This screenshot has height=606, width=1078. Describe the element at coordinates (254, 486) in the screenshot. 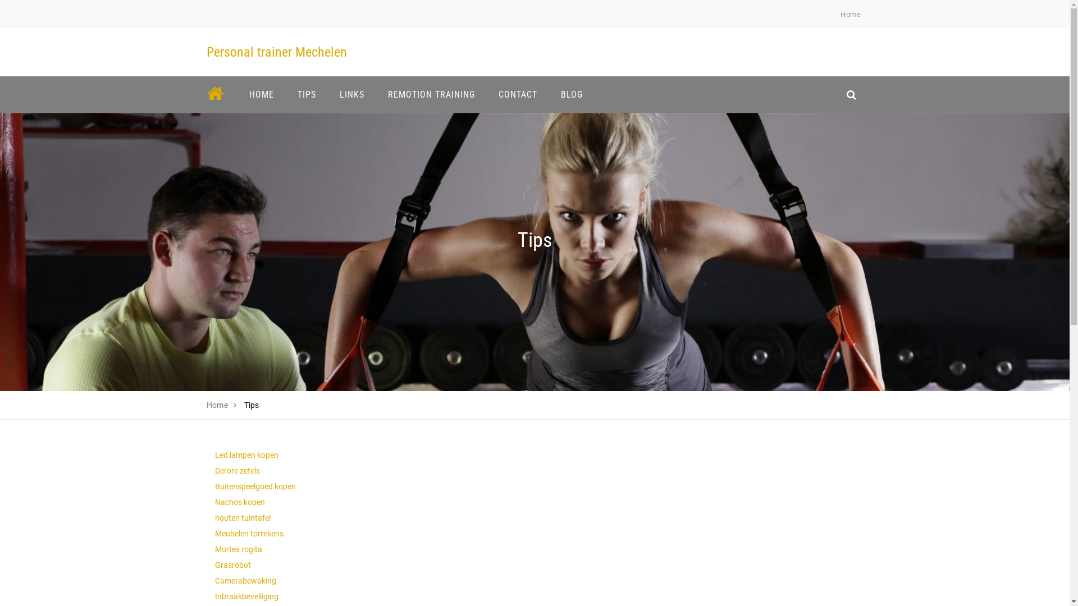

I see `'Buitenspeelgoed kopen'` at that location.